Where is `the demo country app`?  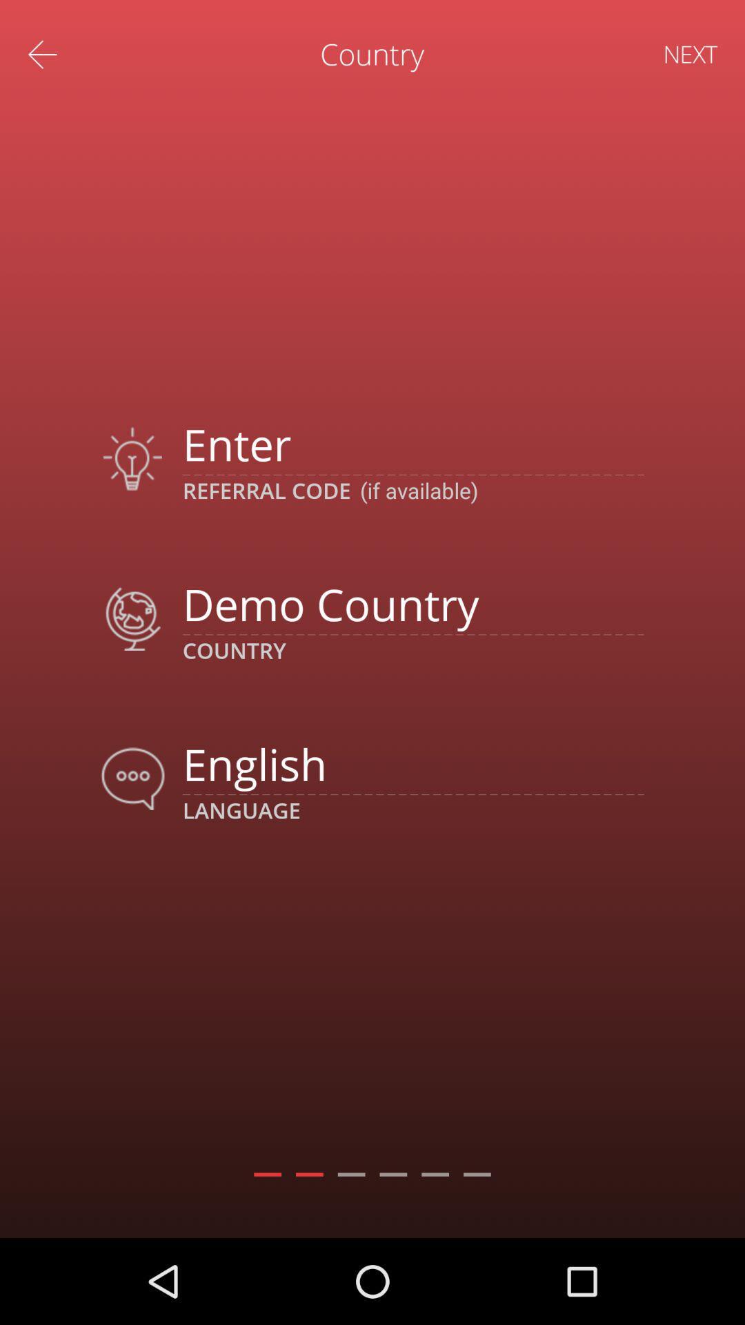
the demo country app is located at coordinates (413, 604).